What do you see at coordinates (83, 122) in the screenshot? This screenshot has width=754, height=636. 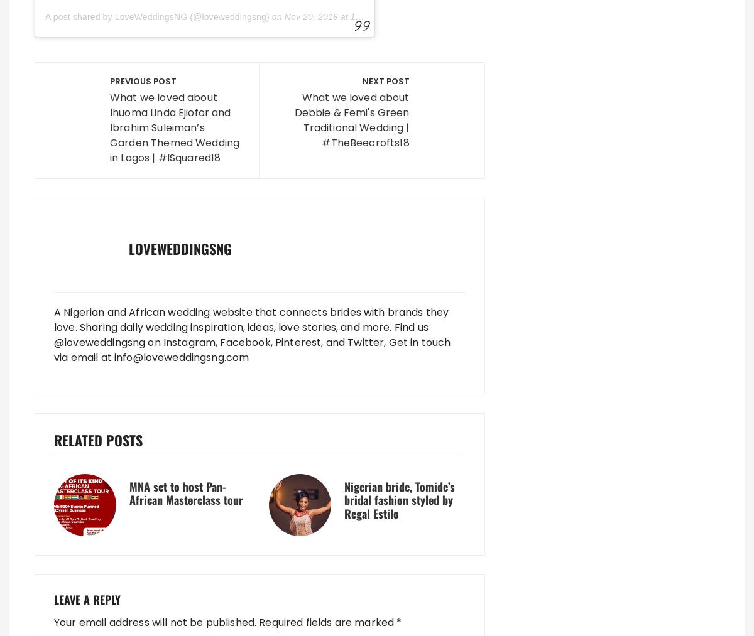 I see `'Comment'` at bounding box center [83, 122].